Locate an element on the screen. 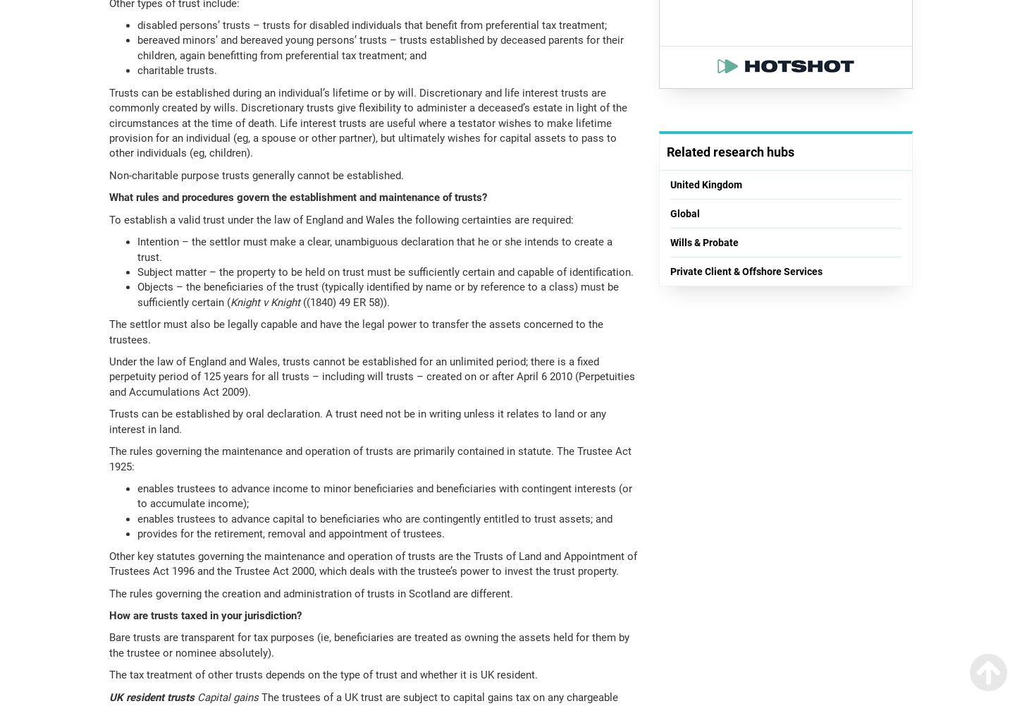 The width and height of the screenshot is (1022, 706). 'bereaved minors’ and bereaved young persons’ trusts – trusts established by deceased parents for their children, again benefitting from preferential tax treatment; and' is located at coordinates (380, 47).